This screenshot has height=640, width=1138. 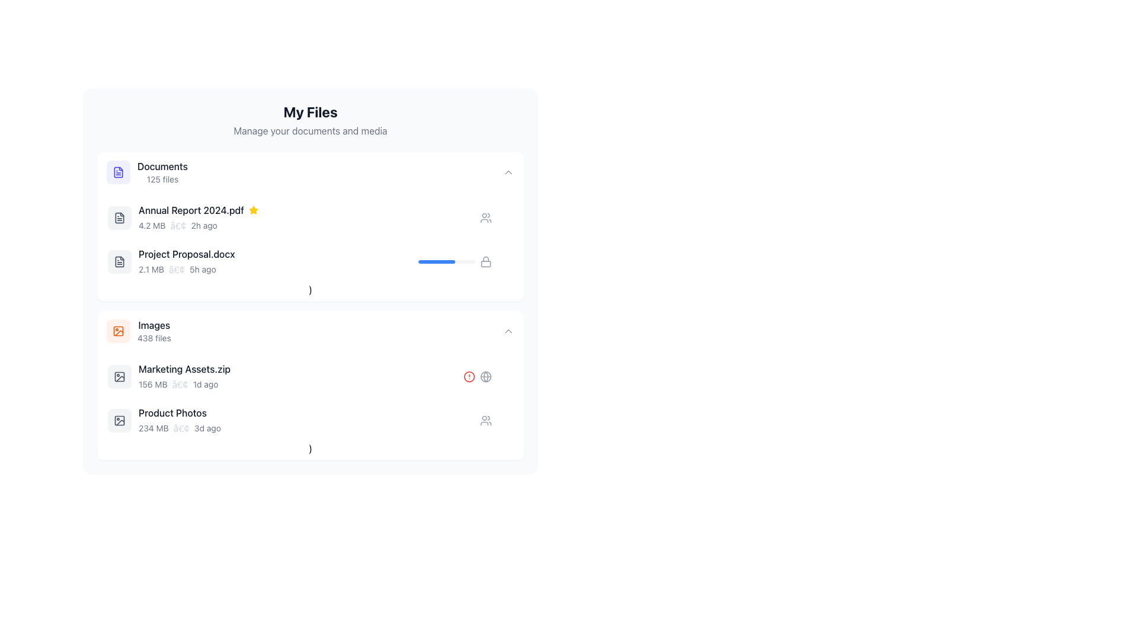 I want to click on the bright yellow star-shaped icon, so click(x=252, y=209).